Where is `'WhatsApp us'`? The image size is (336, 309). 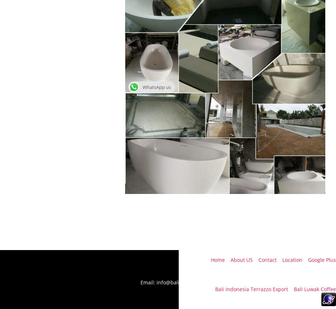 'WhatsApp us' is located at coordinates (156, 87).